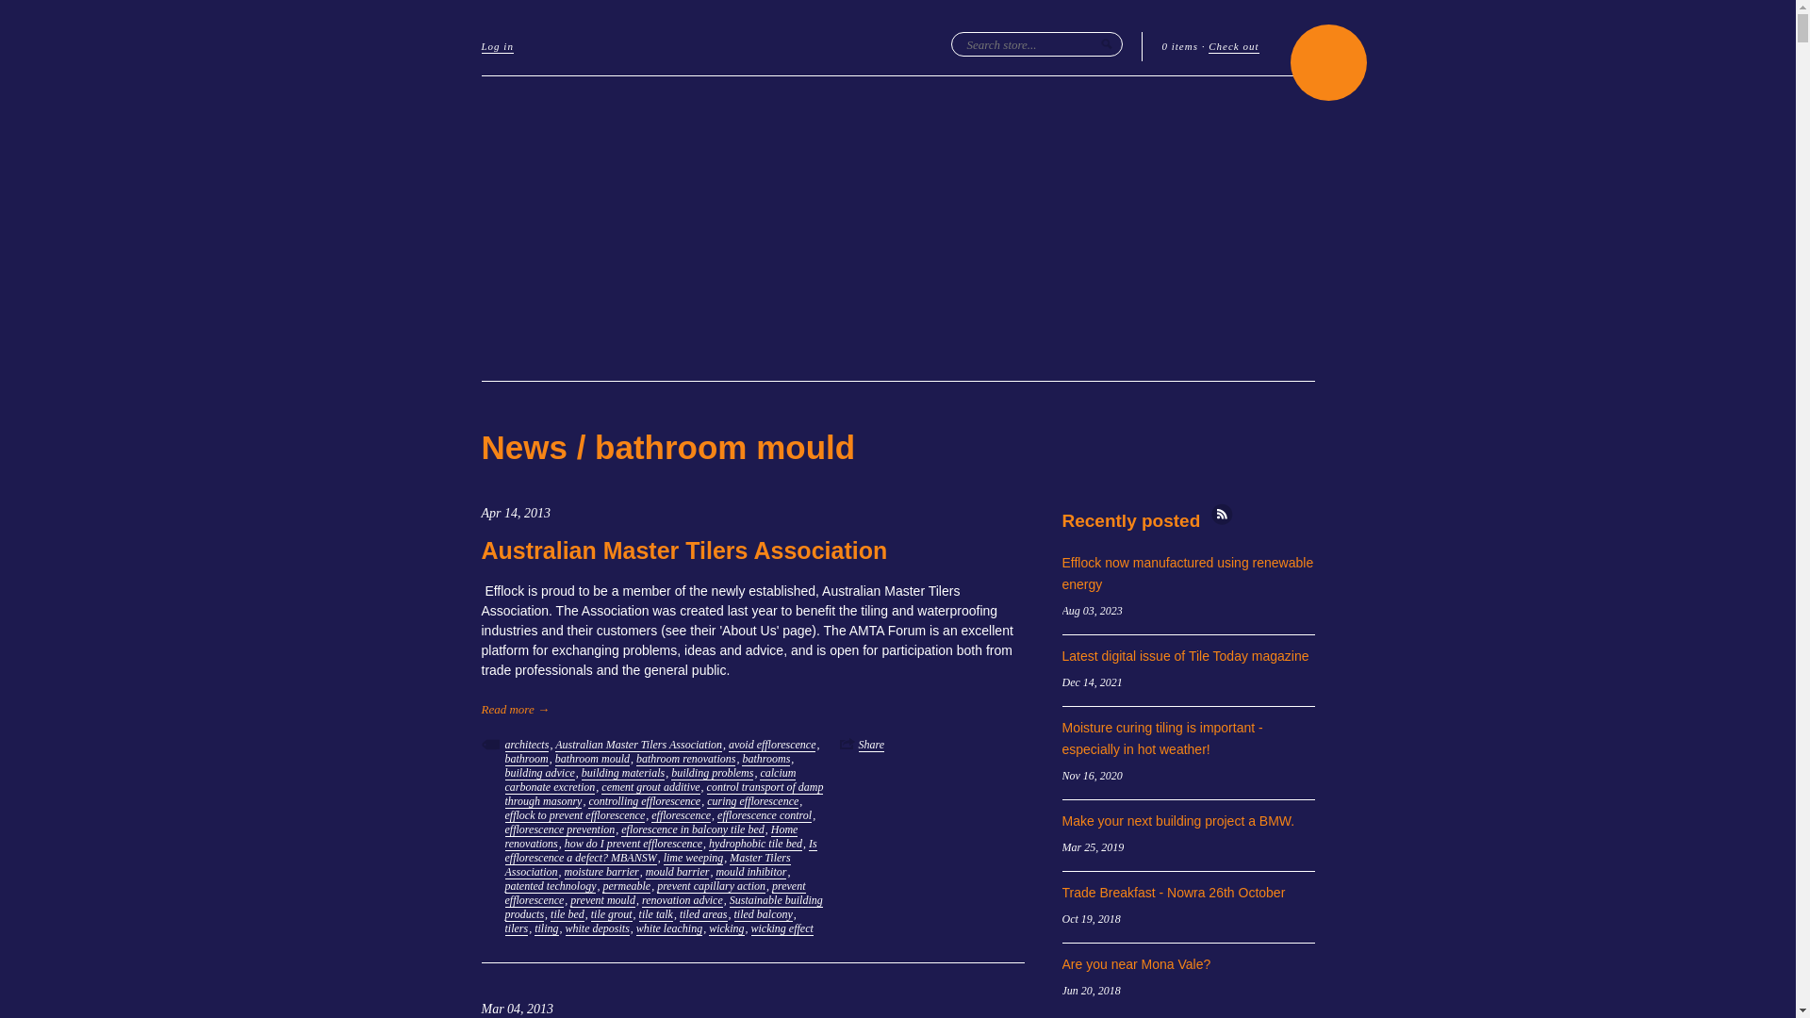 This screenshot has width=1810, height=1018. Describe the element at coordinates (665, 795) in the screenshot. I see `'control transport of damp through masonry'` at that location.